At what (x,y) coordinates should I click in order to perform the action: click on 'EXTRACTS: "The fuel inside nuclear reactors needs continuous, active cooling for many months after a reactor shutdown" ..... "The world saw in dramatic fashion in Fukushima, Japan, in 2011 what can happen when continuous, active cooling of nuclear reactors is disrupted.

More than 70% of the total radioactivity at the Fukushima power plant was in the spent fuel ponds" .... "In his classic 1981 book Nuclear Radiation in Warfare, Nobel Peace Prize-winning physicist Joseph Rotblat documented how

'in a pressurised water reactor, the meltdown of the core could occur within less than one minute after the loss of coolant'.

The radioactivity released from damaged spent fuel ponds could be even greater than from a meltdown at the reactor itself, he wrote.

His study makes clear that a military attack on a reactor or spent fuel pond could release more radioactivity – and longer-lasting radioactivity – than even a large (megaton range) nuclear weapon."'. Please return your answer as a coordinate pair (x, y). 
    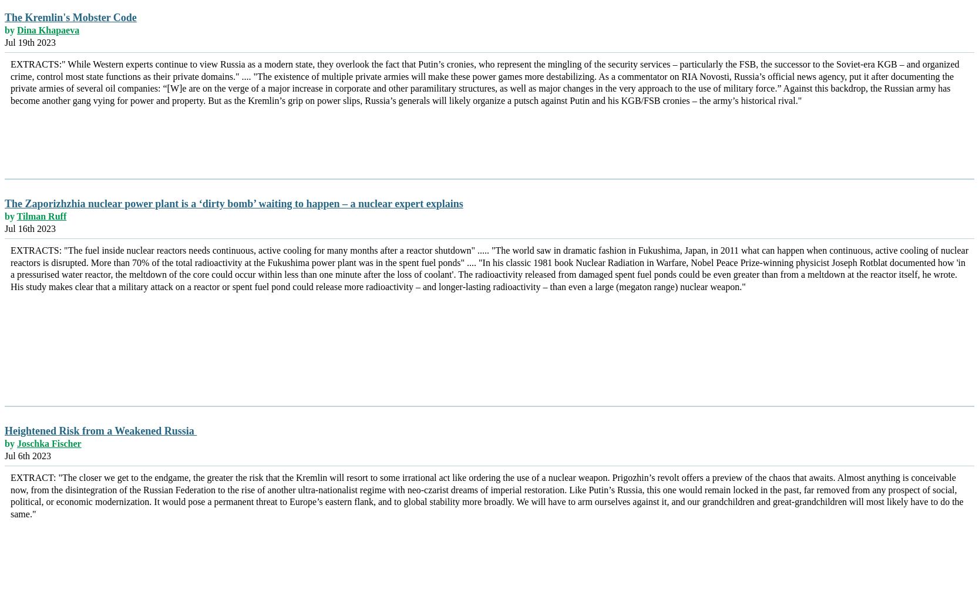
    Looking at the image, I should click on (489, 267).